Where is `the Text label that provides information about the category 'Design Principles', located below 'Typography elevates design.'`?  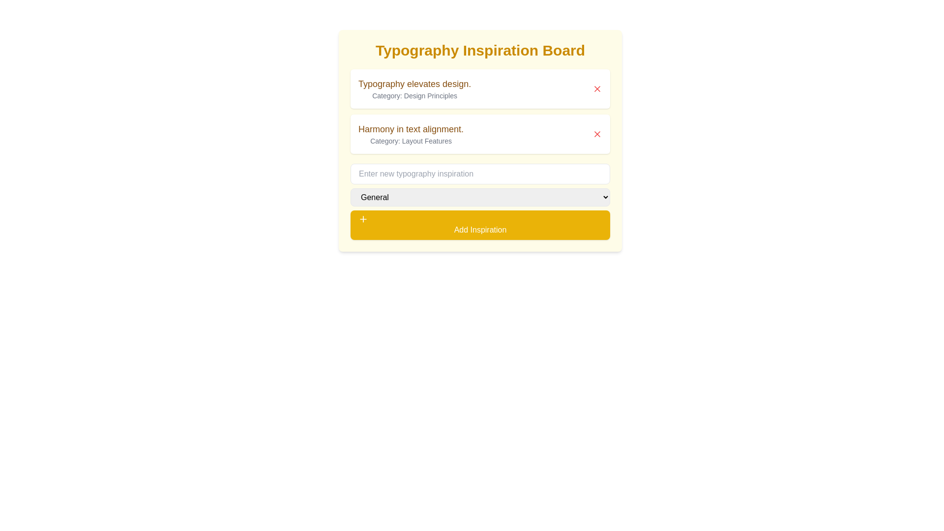
the Text label that provides information about the category 'Design Principles', located below 'Typography elevates design.' is located at coordinates (414, 96).